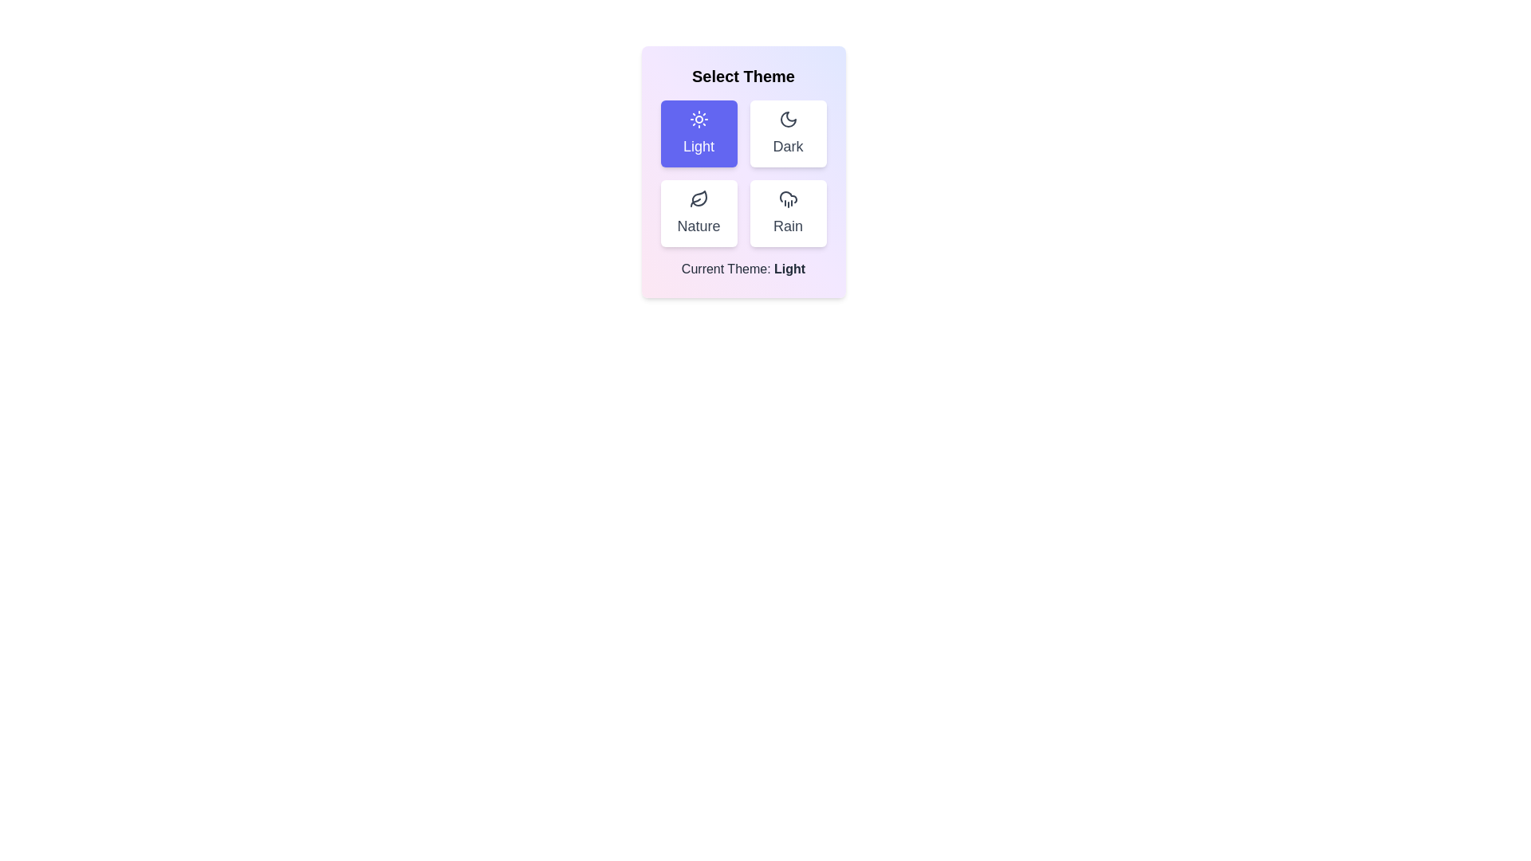 Image resolution: width=1531 pixels, height=861 pixels. Describe the element at coordinates (699, 212) in the screenshot. I see `the Nature button to see its hover effect` at that location.